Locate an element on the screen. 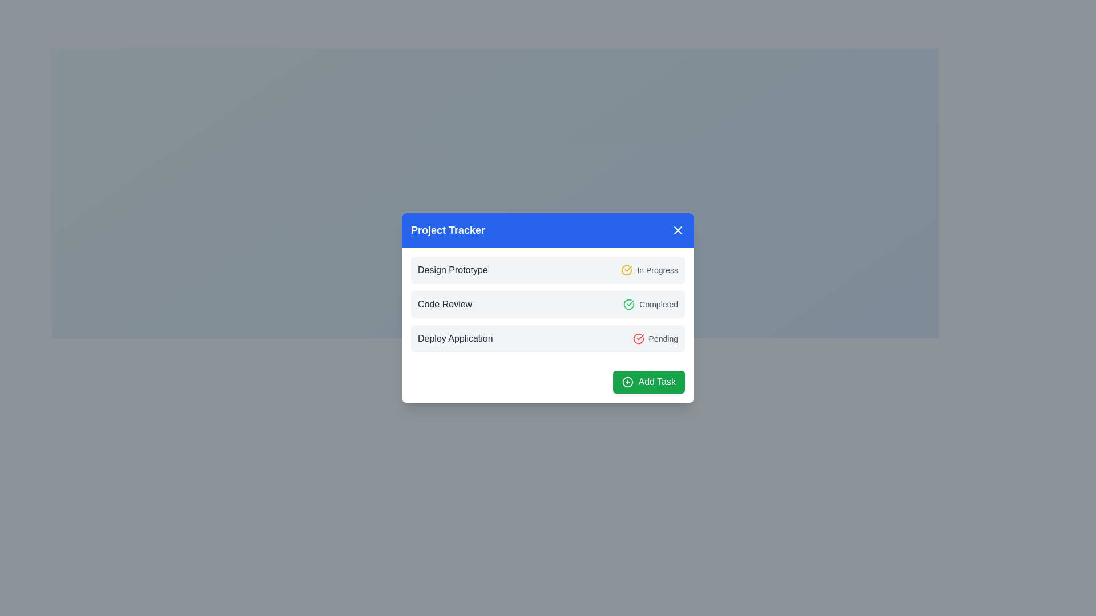  the interactive button located at the bottom right corner of the 'Project Tracker' card to initiate the addition of a new task is located at coordinates (649, 382).